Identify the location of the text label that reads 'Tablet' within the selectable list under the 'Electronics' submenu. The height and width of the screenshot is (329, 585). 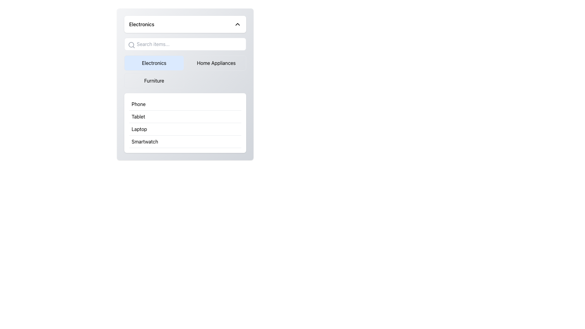
(138, 116).